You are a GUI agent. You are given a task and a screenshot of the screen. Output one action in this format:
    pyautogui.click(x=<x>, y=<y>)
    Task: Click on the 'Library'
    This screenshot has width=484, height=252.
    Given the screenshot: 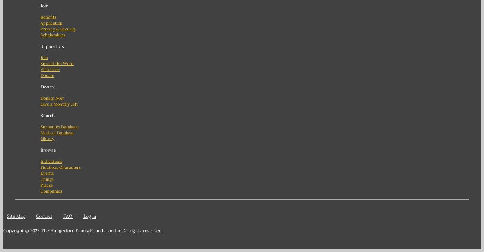 What is the action you would take?
    pyautogui.click(x=47, y=138)
    